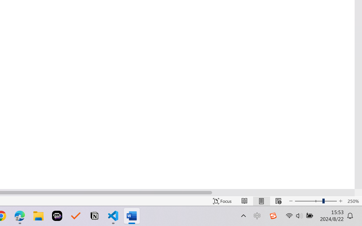 The height and width of the screenshot is (226, 362). What do you see at coordinates (278, 201) in the screenshot?
I see `'Web Layout'` at bounding box center [278, 201].